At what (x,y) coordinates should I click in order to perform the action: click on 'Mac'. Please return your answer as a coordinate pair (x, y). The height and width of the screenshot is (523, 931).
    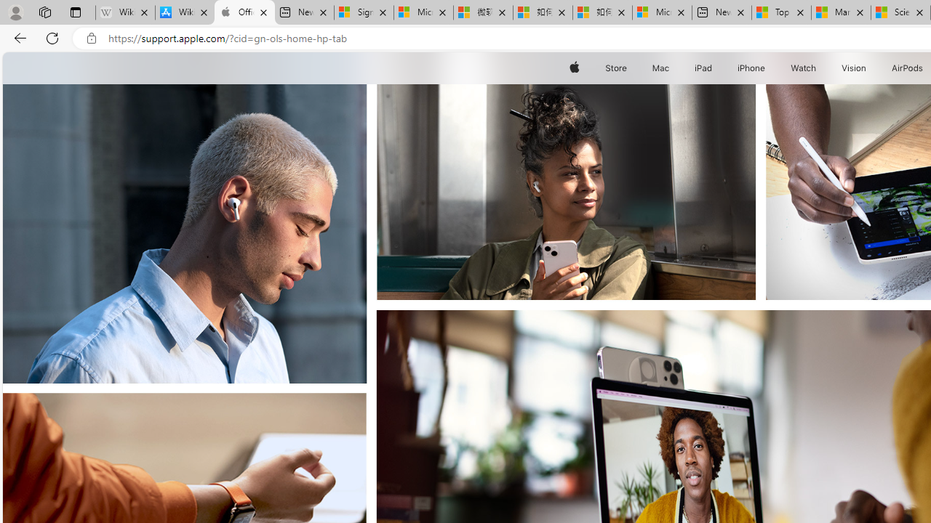
    Looking at the image, I should click on (660, 68).